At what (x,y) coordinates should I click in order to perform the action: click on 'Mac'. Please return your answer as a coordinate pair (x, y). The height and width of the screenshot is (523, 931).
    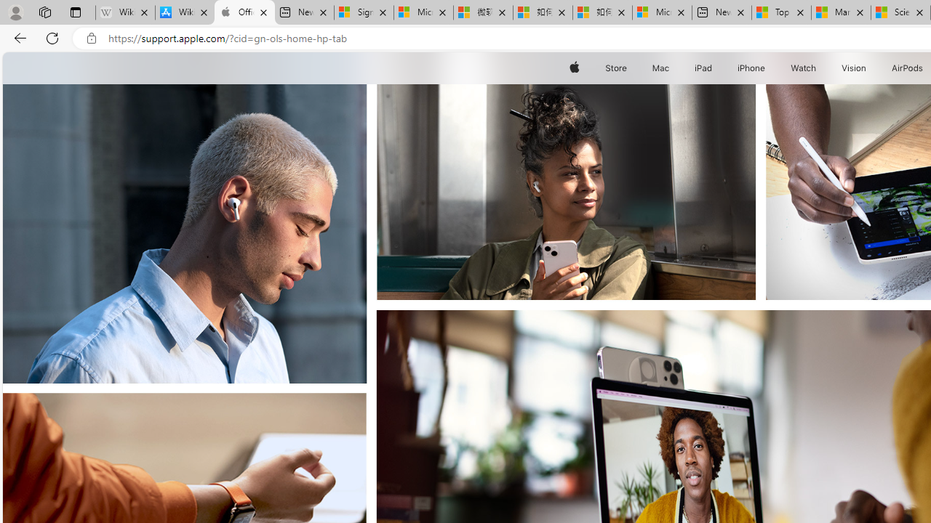
    Looking at the image, I should click on (660, 68).